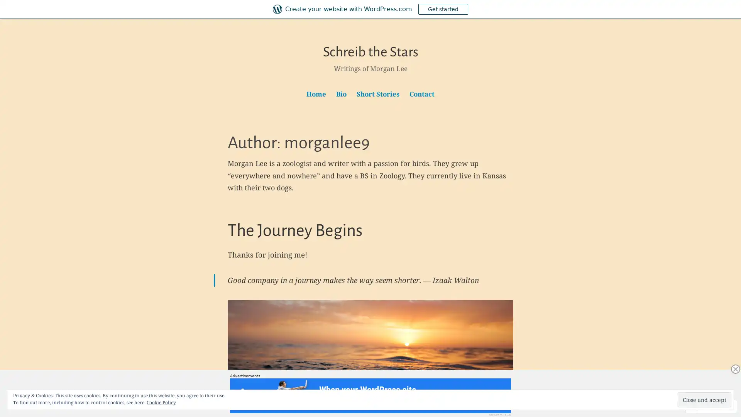 This screenshot has height=417, width=741. I want to click on Close and accept, so click(704, 400).